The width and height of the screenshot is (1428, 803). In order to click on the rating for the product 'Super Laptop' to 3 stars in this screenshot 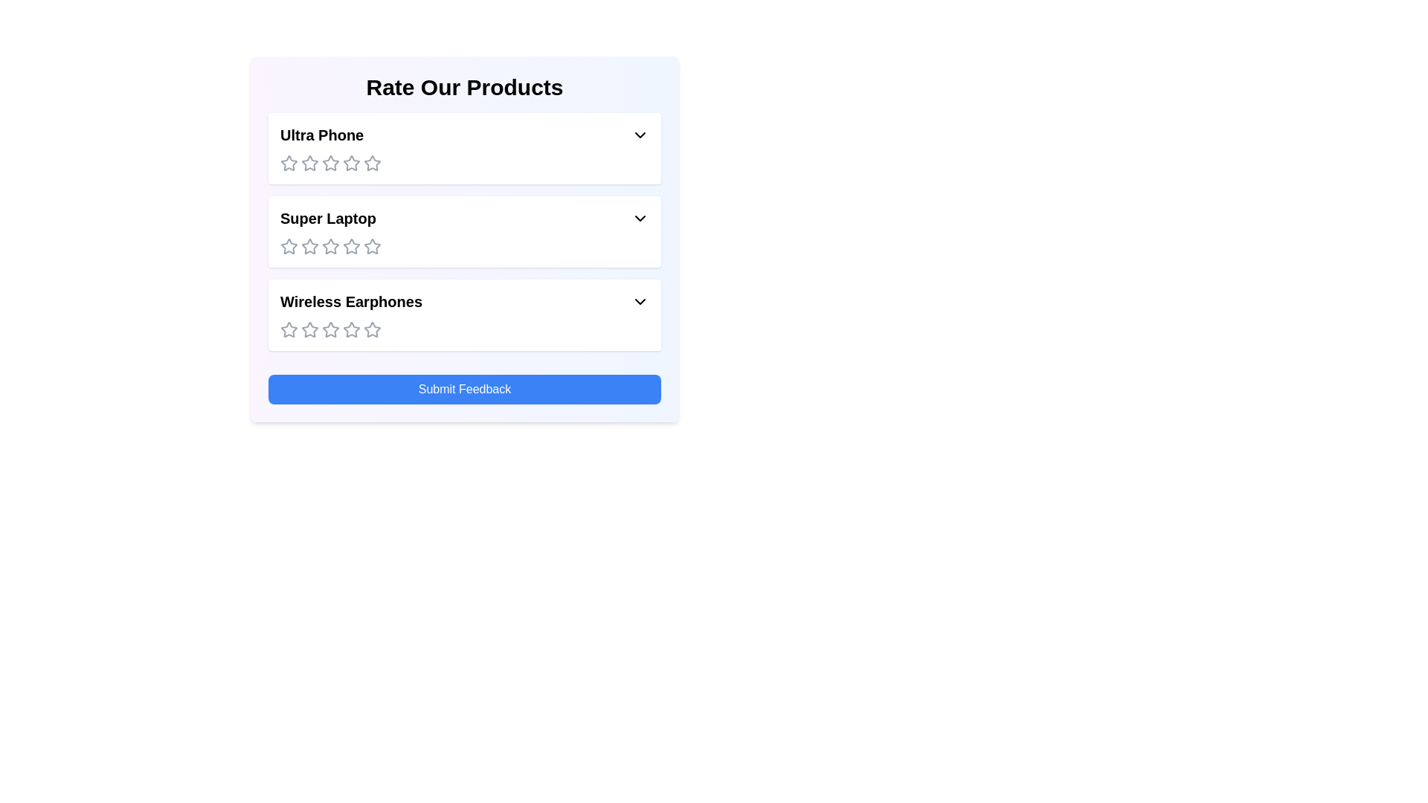, I will do `click(330, 245)`.